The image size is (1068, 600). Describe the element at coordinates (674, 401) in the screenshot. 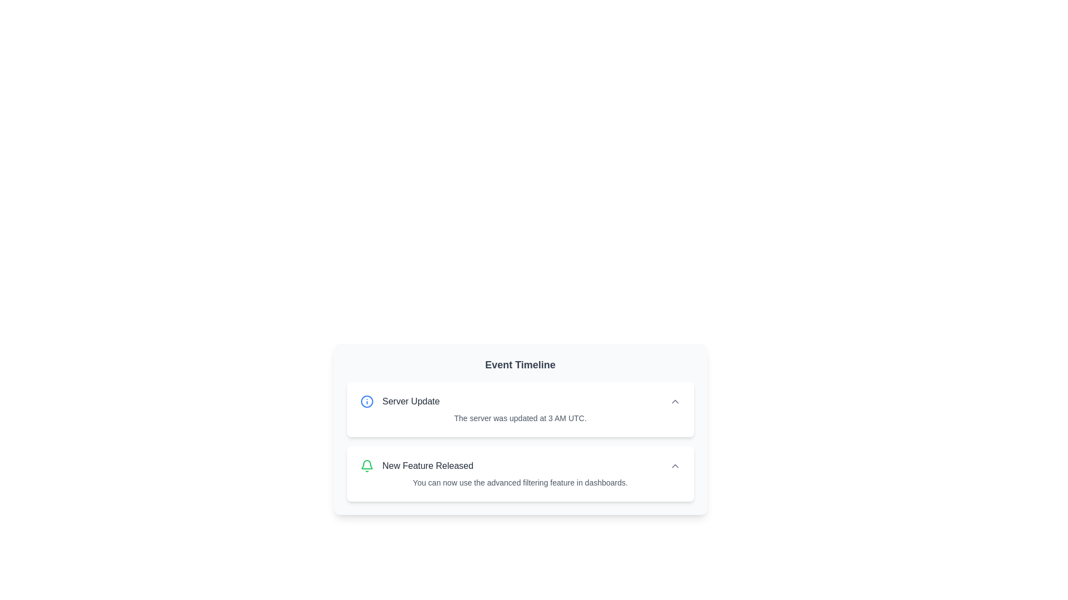

I see `the toggle button of the event to expand or collapse it` at that location.